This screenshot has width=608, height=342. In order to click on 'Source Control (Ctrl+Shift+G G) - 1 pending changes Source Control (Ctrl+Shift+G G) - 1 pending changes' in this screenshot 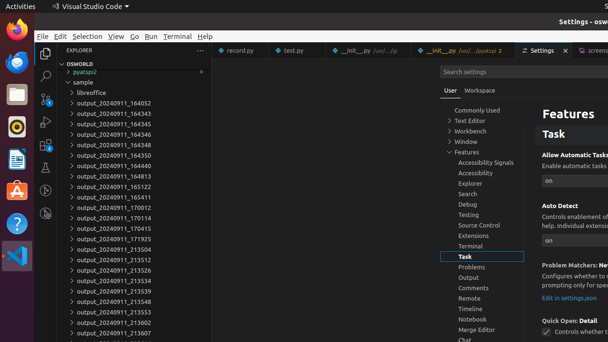, I will do `click(45, 99)`.